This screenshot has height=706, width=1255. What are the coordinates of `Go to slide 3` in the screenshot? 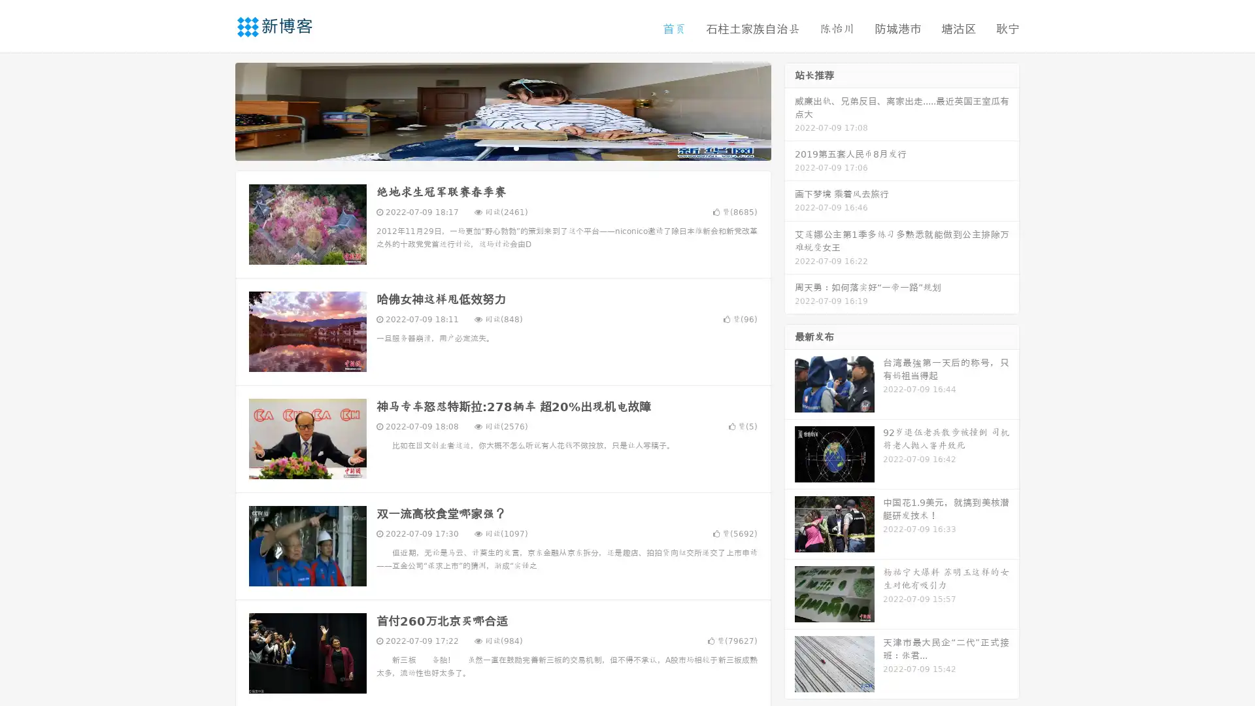 It's located at (516, 147).